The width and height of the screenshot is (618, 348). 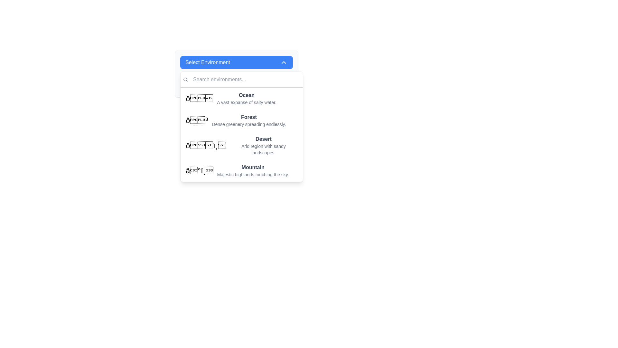 I want to click on the third option in the 'Select Environment' dropdown list, which features a desert landscape emoji and the text 'Desert' with a description 'Arid region with sandy landscapes.', so click(x=241, y=145).